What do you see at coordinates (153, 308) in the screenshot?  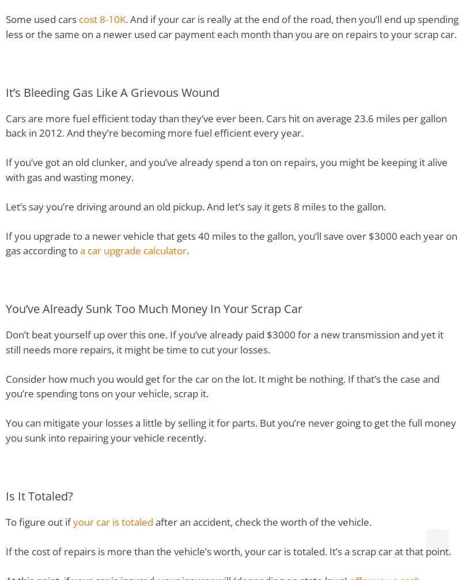 I see `'You’ve Already Sunk Too Much Money In Your Scrap Car'` at bounding box center [153, 308].